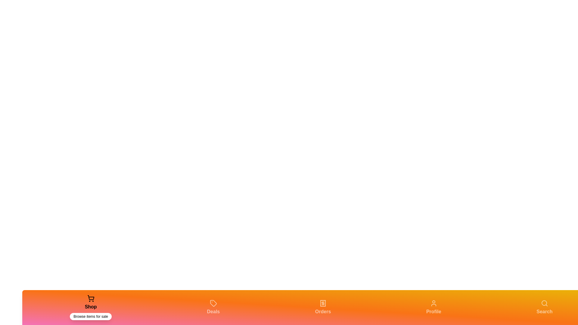 The height and width of the screenshot is (325, 578). I want to click on the label of the tab Orders, so click(323, 311).